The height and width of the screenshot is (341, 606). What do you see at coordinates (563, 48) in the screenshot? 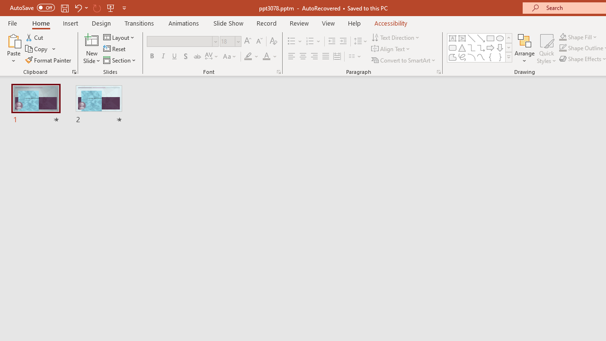
I see `'Shape Outline Green, Accent 1'` at bounding box center [563, 48].